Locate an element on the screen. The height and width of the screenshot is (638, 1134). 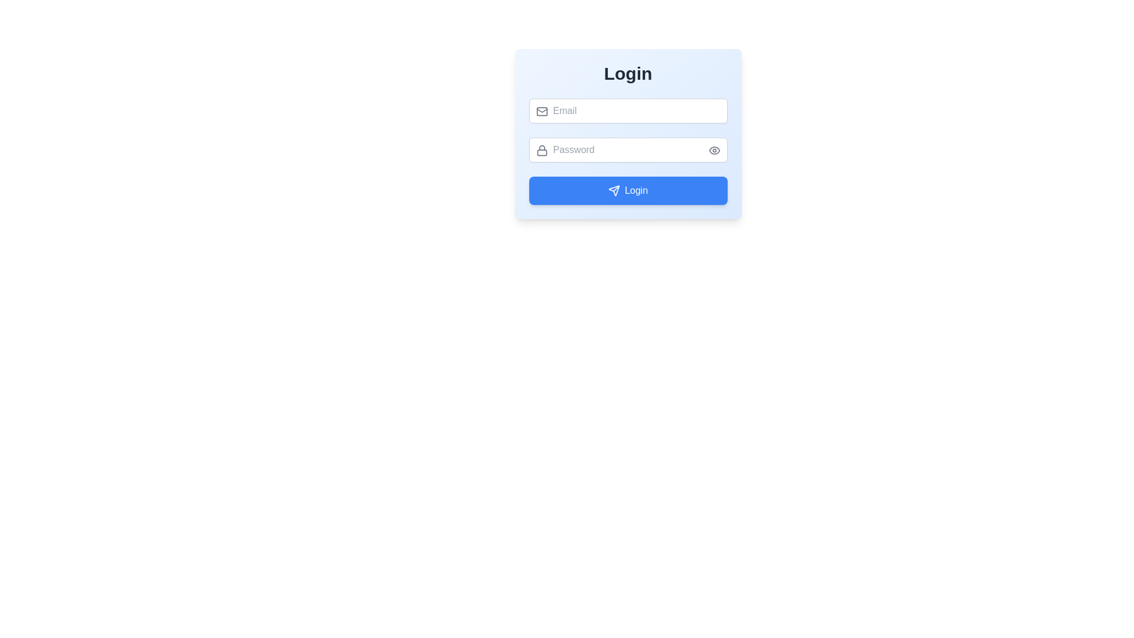
the rectangular envelope icon located to the immediate left of the email input field in the login form, indicating email functionality is located at coordinates (541, 112).